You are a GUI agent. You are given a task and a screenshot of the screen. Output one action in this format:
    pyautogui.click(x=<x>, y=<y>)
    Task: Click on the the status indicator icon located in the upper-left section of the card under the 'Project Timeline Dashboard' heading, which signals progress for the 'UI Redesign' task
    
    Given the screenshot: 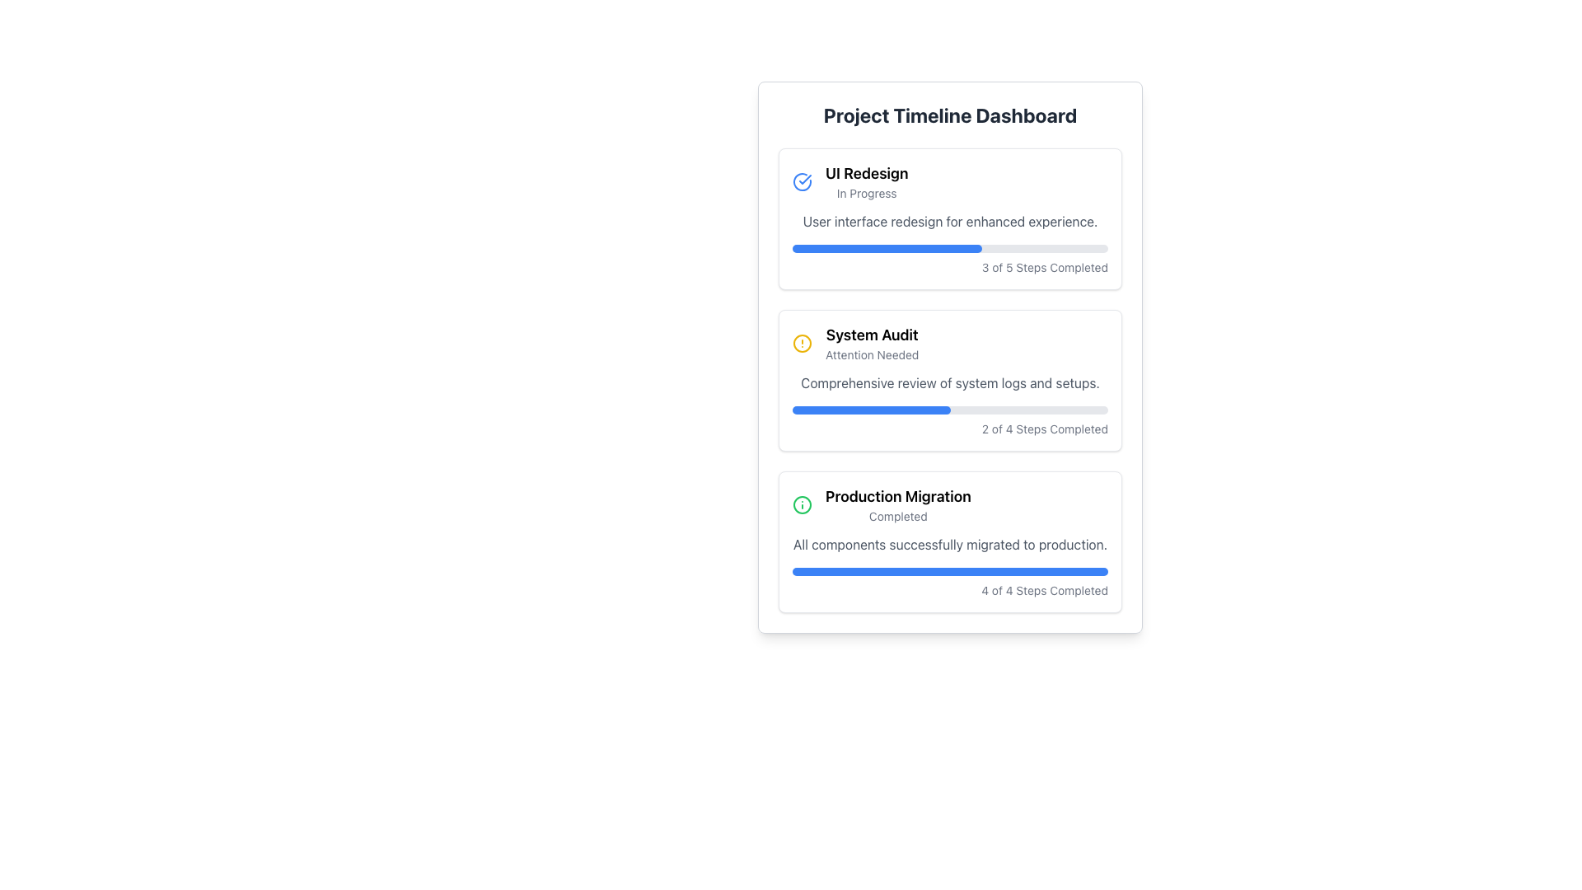 What is the action you would take?
    pyautogui.click(x=803, y=181)
    